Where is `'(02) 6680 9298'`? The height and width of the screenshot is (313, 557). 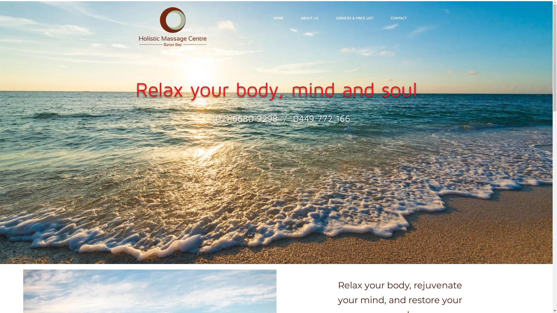
'(02) 6680 9298' is located at coordinates (245, 118).